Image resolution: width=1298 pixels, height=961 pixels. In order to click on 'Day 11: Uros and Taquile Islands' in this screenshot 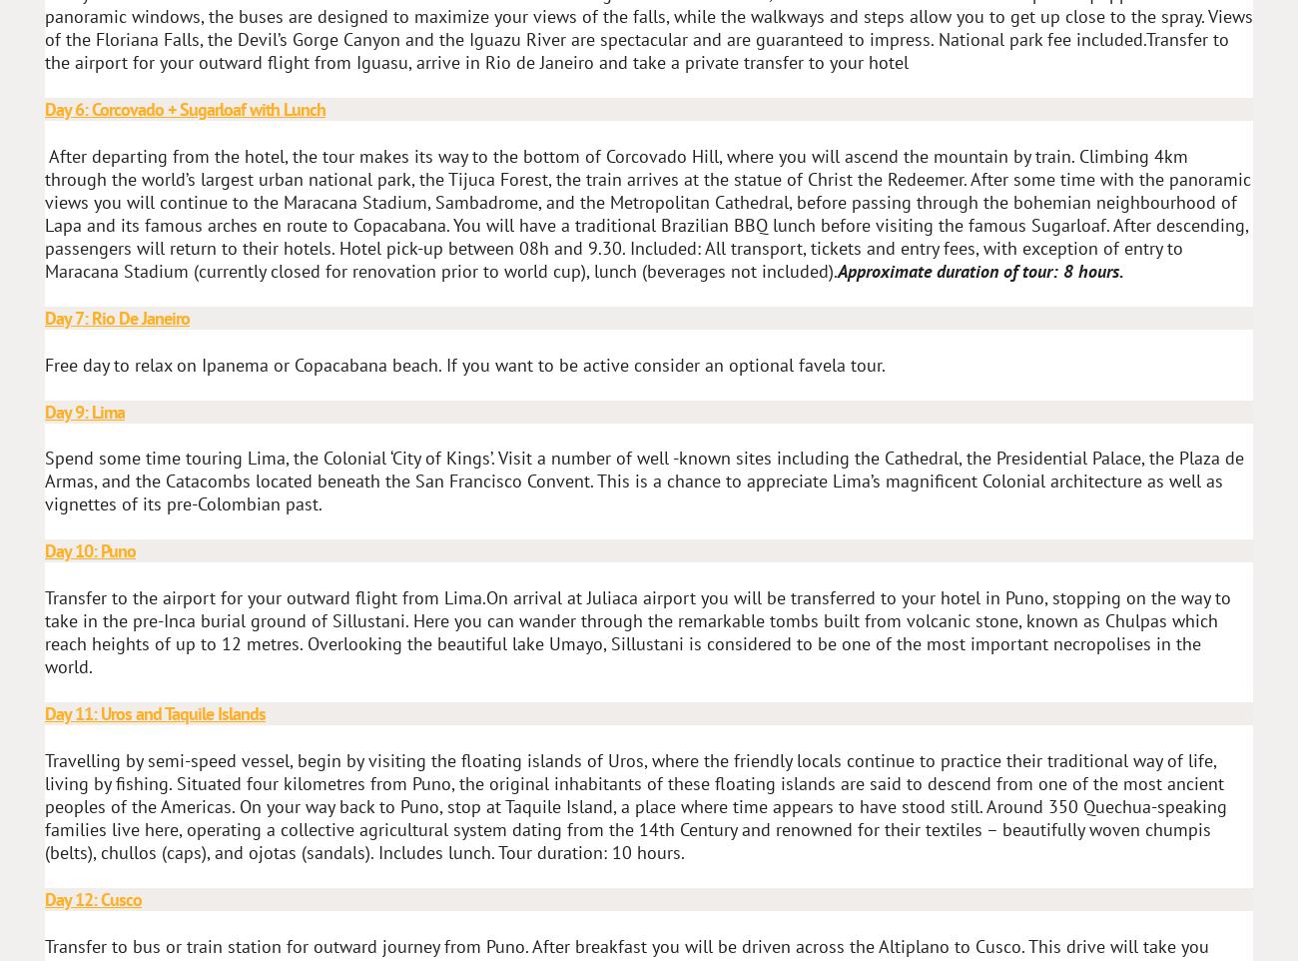, I will do `click(154, 712)`.